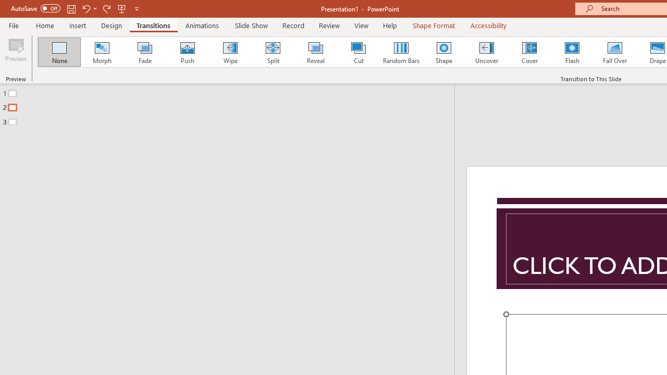  Describe the element at coordinates (572, 52) in the screenshot. I see `'Flash'` at that location.